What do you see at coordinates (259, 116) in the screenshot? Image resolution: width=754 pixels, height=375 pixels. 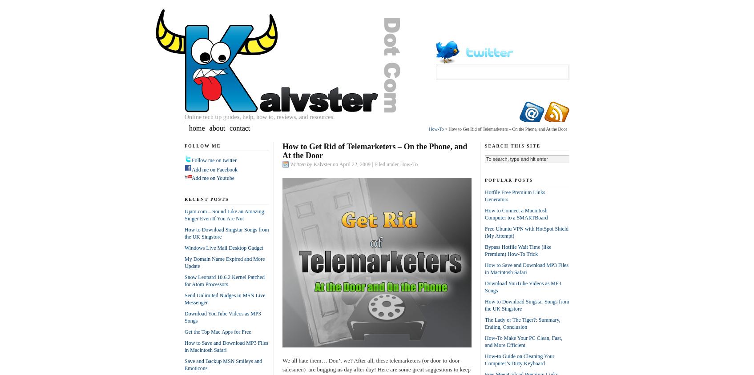 I see `'Online tech tip guides, help, how to, reviews, and resources.'` at bounding box center [259, 116].